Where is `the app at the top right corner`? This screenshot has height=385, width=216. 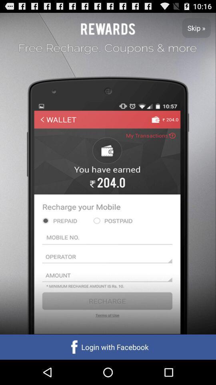 the app at the top right corner is located at coordinates (196, 28).